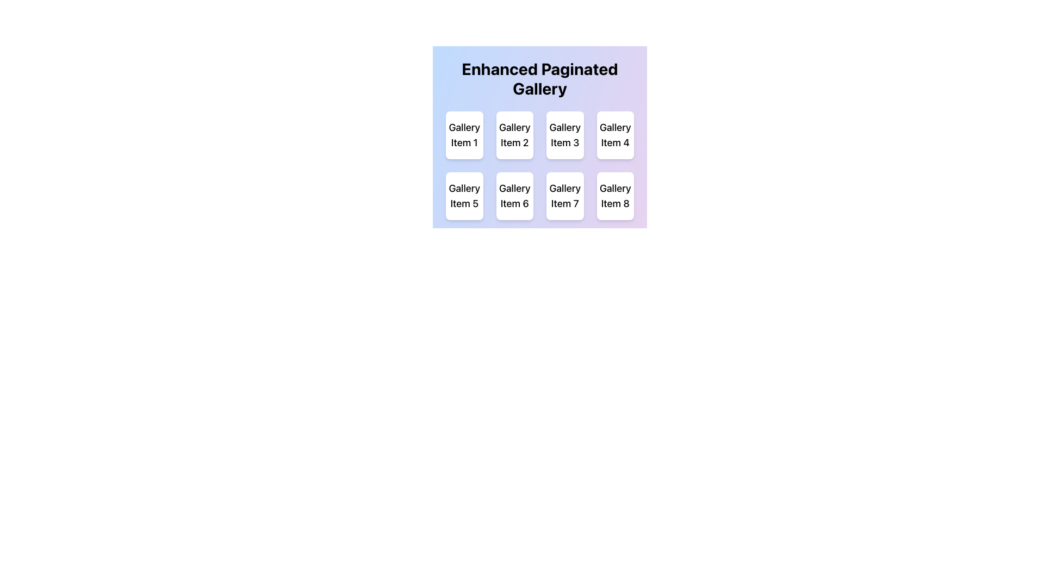 This screenshot has height=587, width=1044. I want to click on the text label at the bottom-right corner of the gallery item card to trigger interaction effects, so click(615, 196).